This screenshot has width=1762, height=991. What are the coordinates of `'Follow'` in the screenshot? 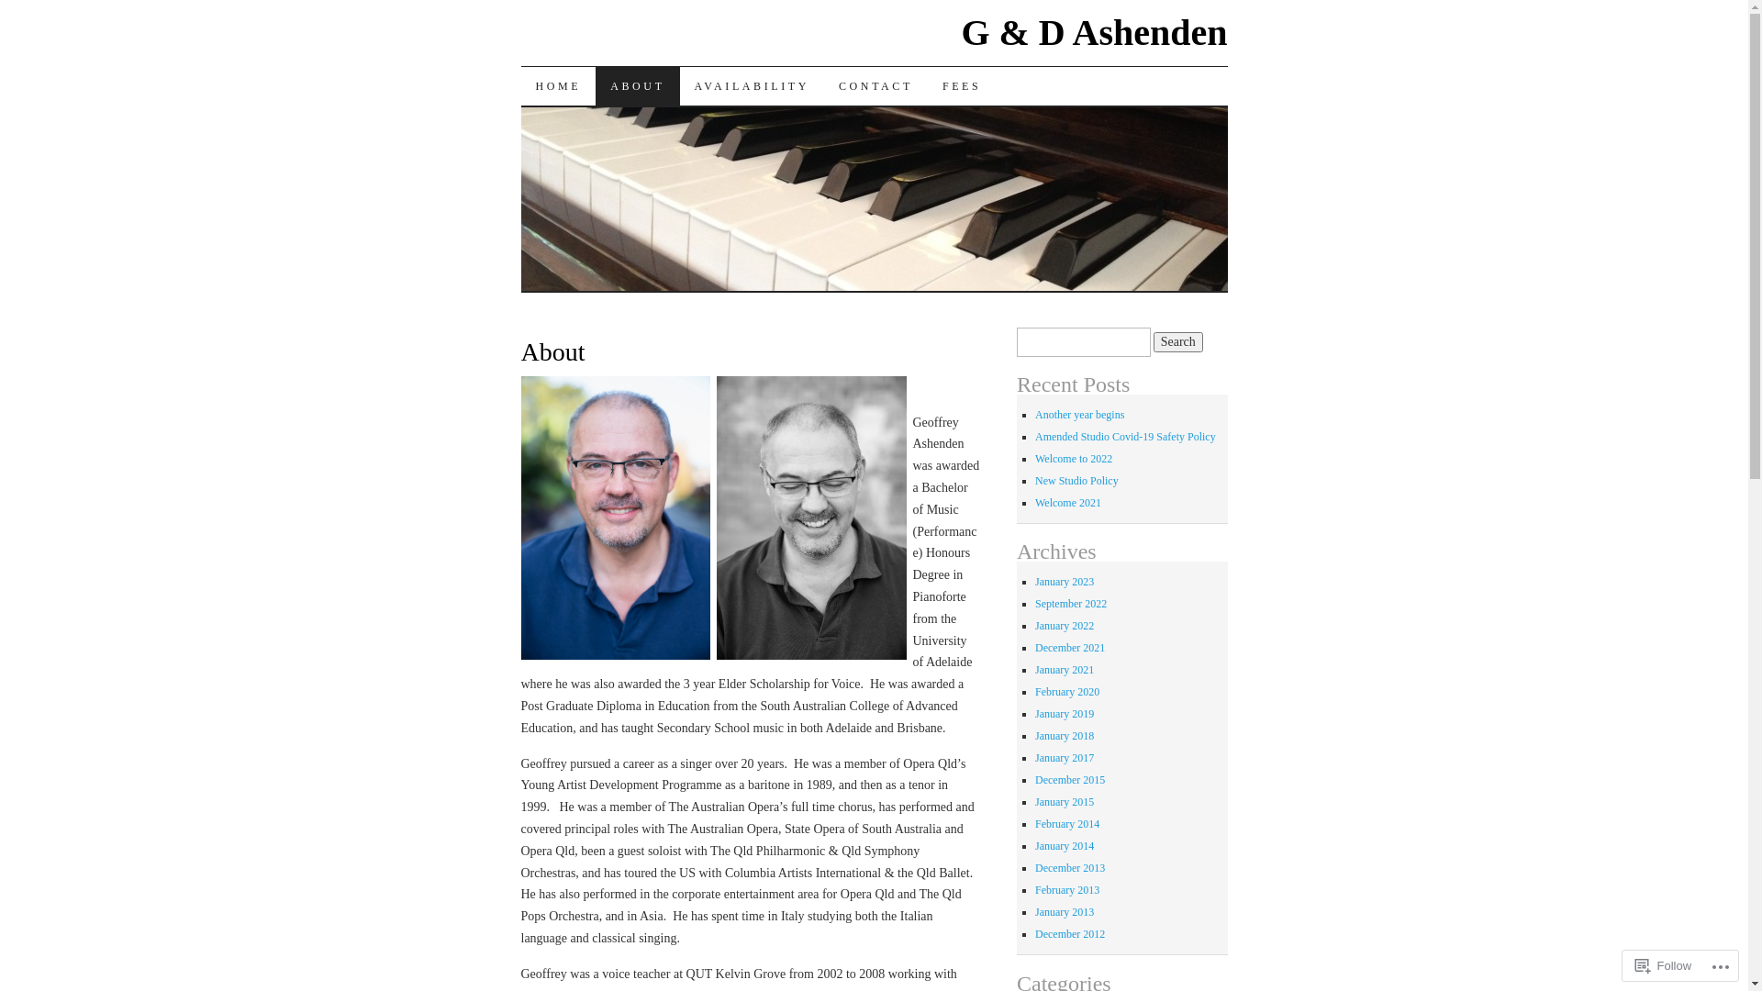 It's located at (1628, 964).